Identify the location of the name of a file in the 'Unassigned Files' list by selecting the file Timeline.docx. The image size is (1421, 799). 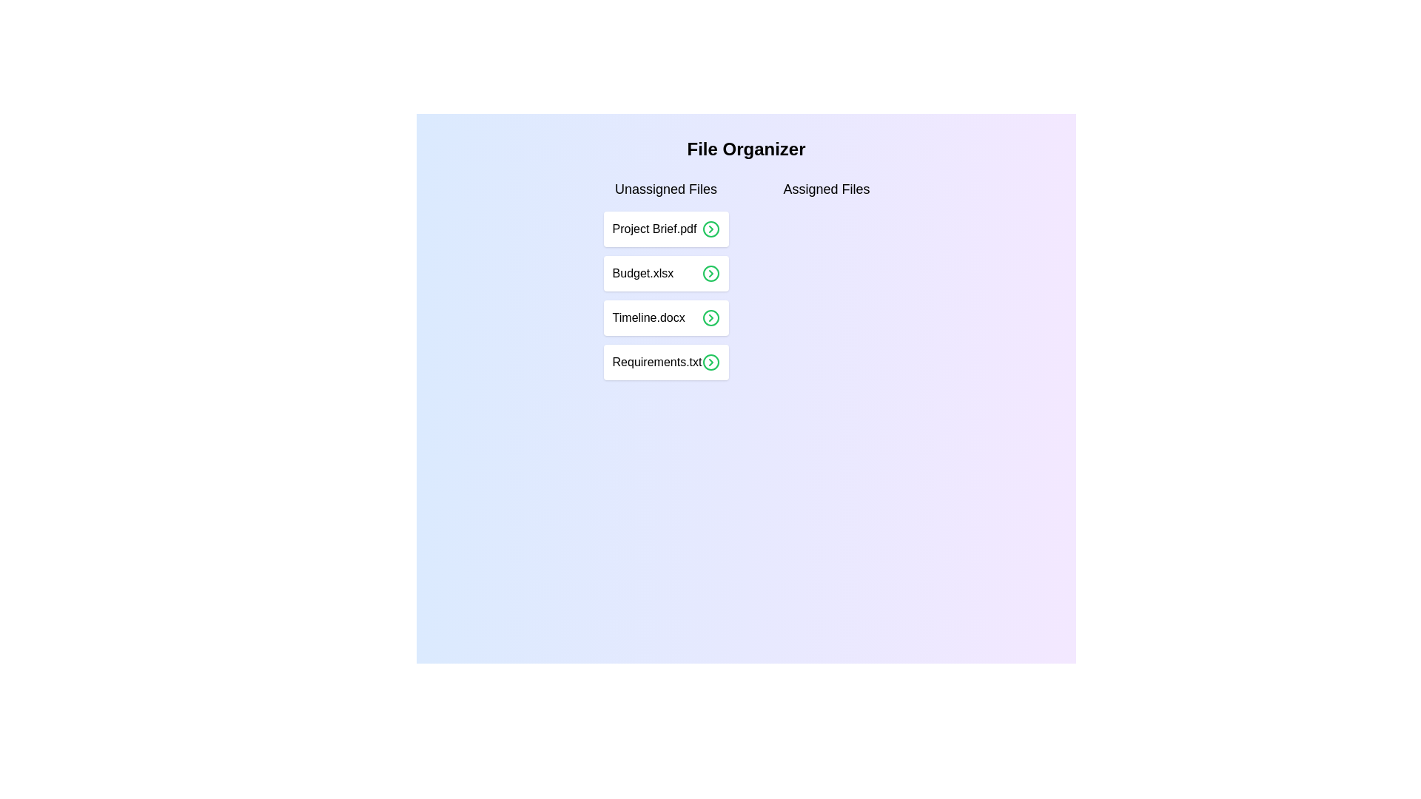
(665, 317).